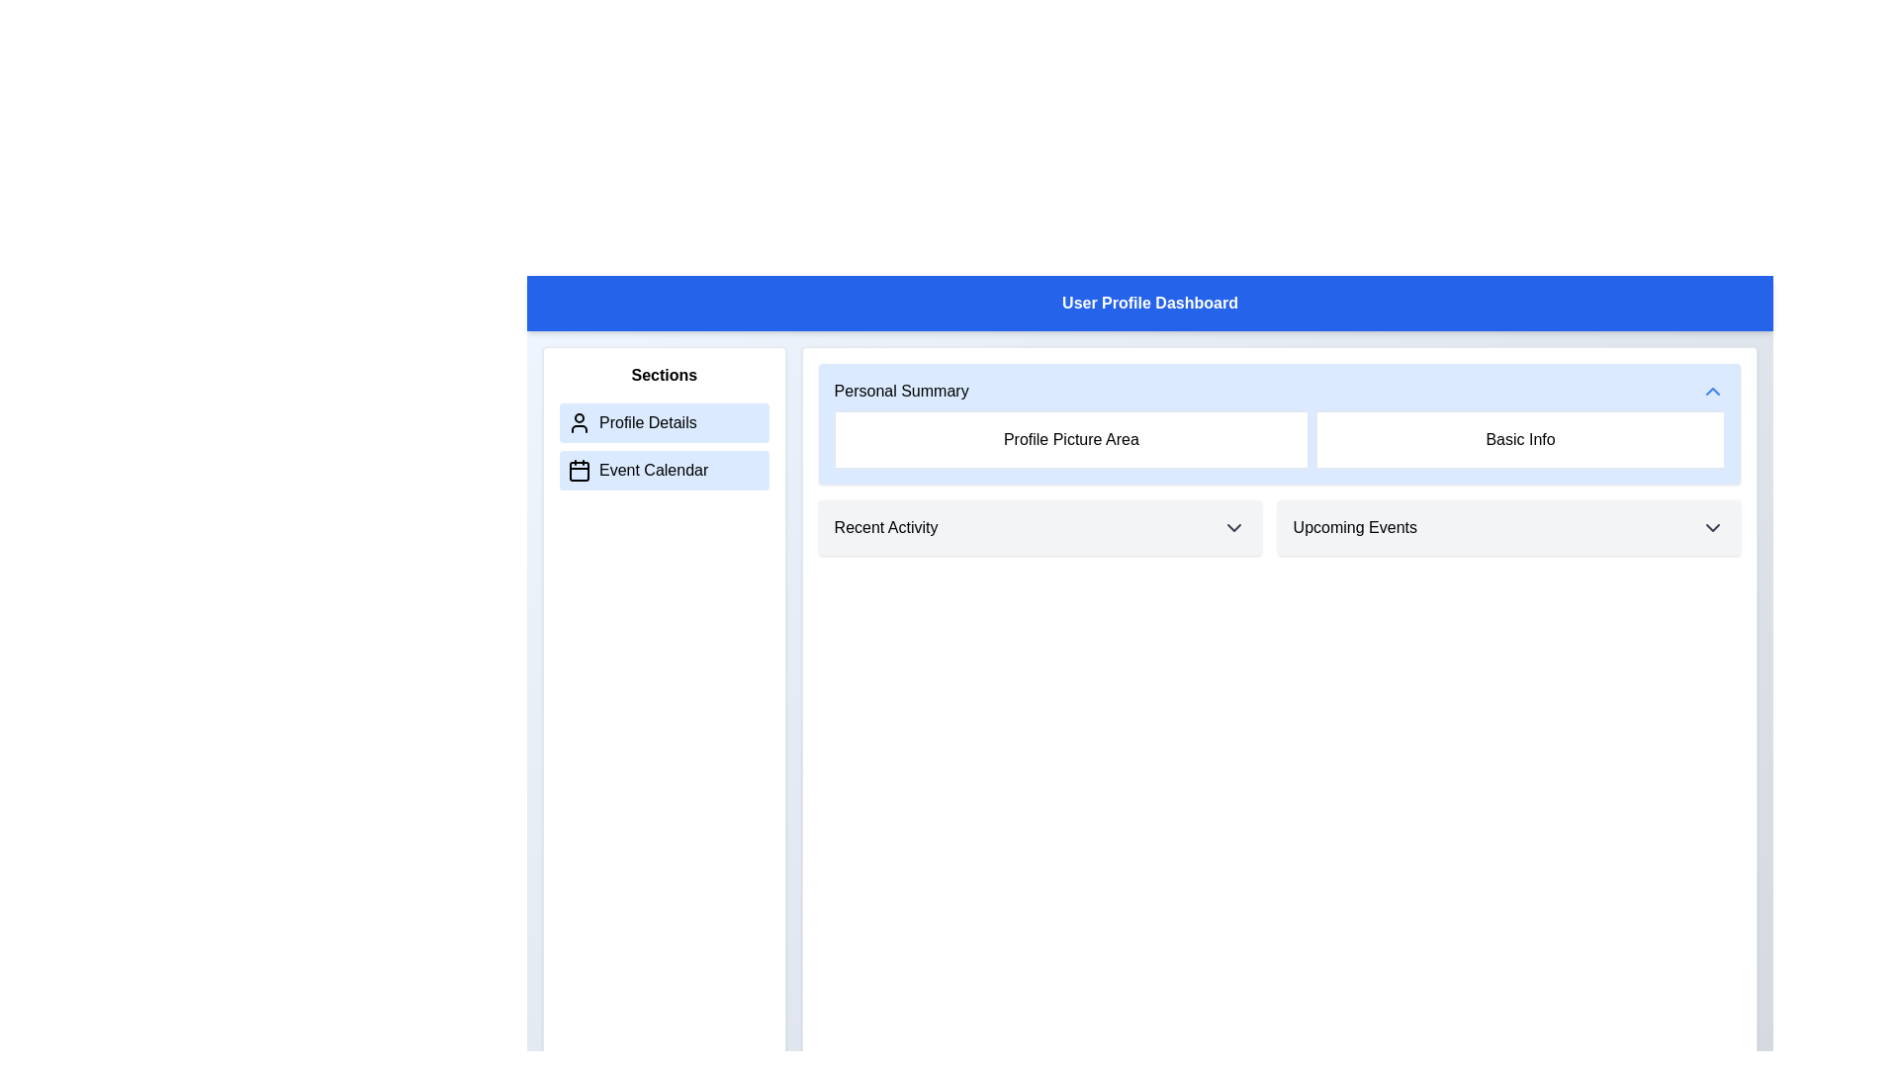  Describe the element at coordinates (900, 392) in the screenshot. I see `the 'Personal Summary' text label` at that location.